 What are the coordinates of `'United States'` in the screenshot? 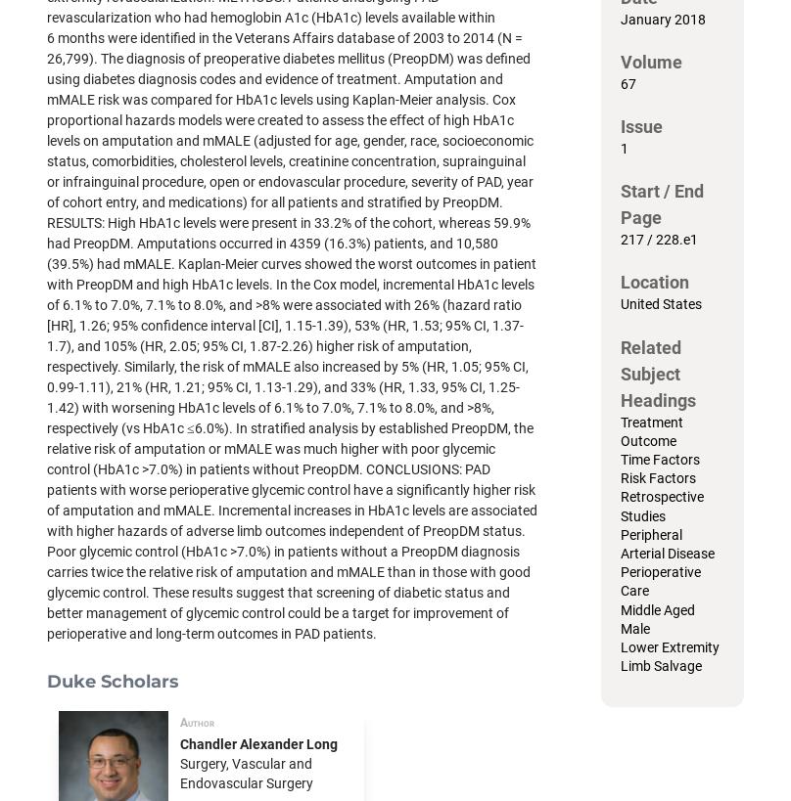 It's located at (661, 303).